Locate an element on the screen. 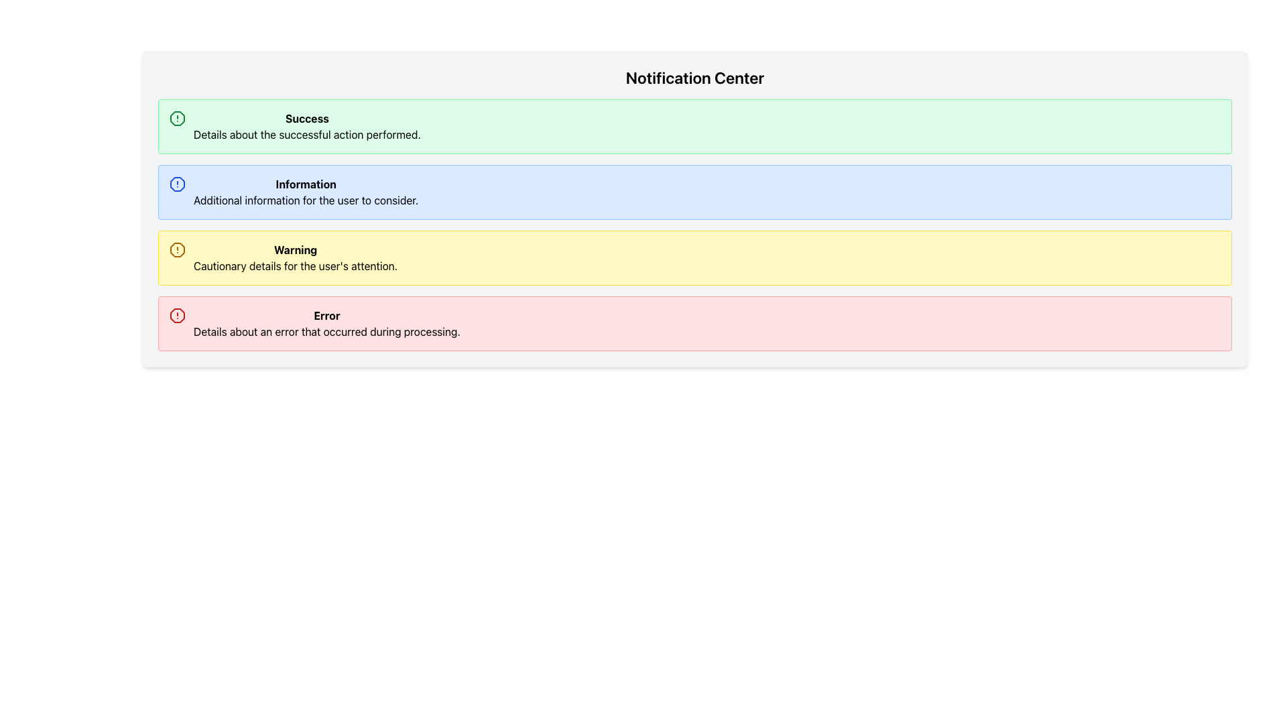 This screenshot has height=724, width=1287. the Text Display element within the third notification card that provides cautionary information, located between the 'Information' card and the 'Error' card is located at coordinates (295, 258).